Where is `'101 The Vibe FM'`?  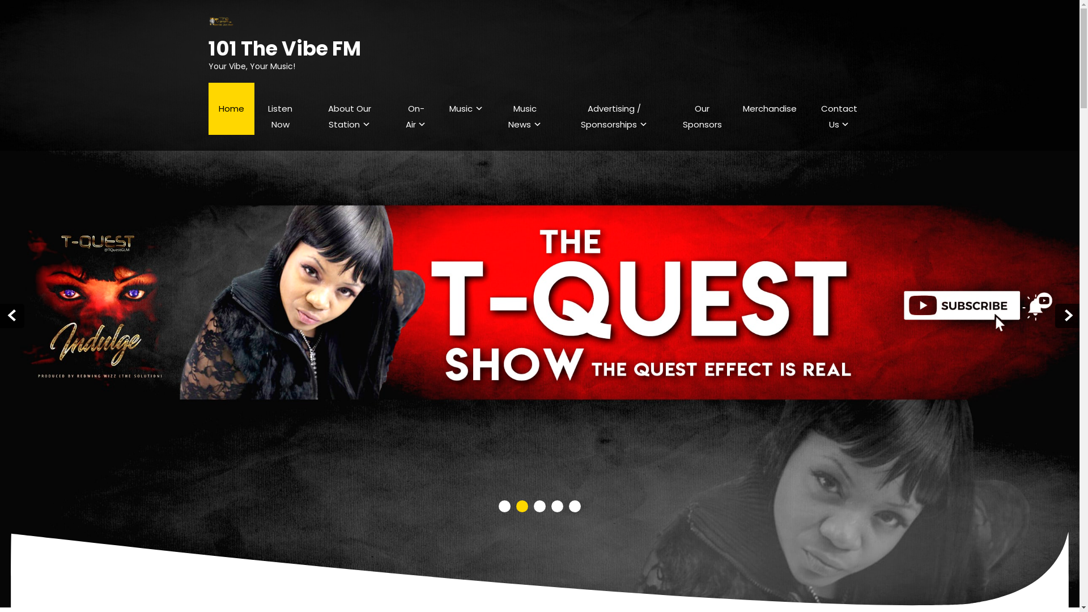 '101 The Vibe FM' is located at coordinates (284, 48).